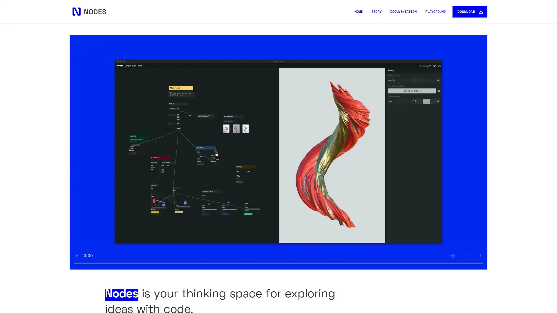 The image size is (557, 313). What do you see at coordinates (470, 11) in the screenshot?
I see `DOWNLOAD` at bounding box center [470, 11].